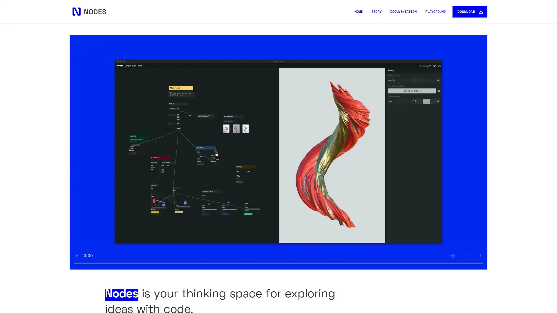 The image size is (557, 313). What do you see at coordinates (470, 11) in the screenshot?
I see `DOWNLOAD` at bounding box center [470, 11].